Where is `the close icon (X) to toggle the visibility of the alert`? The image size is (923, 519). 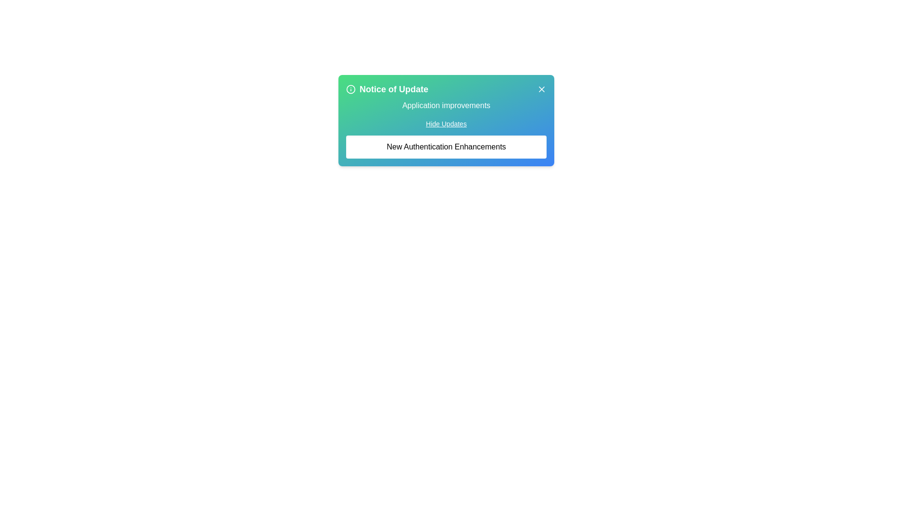 the close icon (X) to toggle the visibility of the alert is located at coordinates (542, 89).